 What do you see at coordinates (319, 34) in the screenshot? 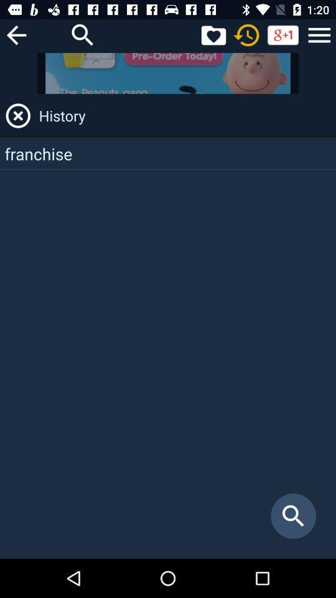
I see `option and other services` at bounding box center [319, 34].